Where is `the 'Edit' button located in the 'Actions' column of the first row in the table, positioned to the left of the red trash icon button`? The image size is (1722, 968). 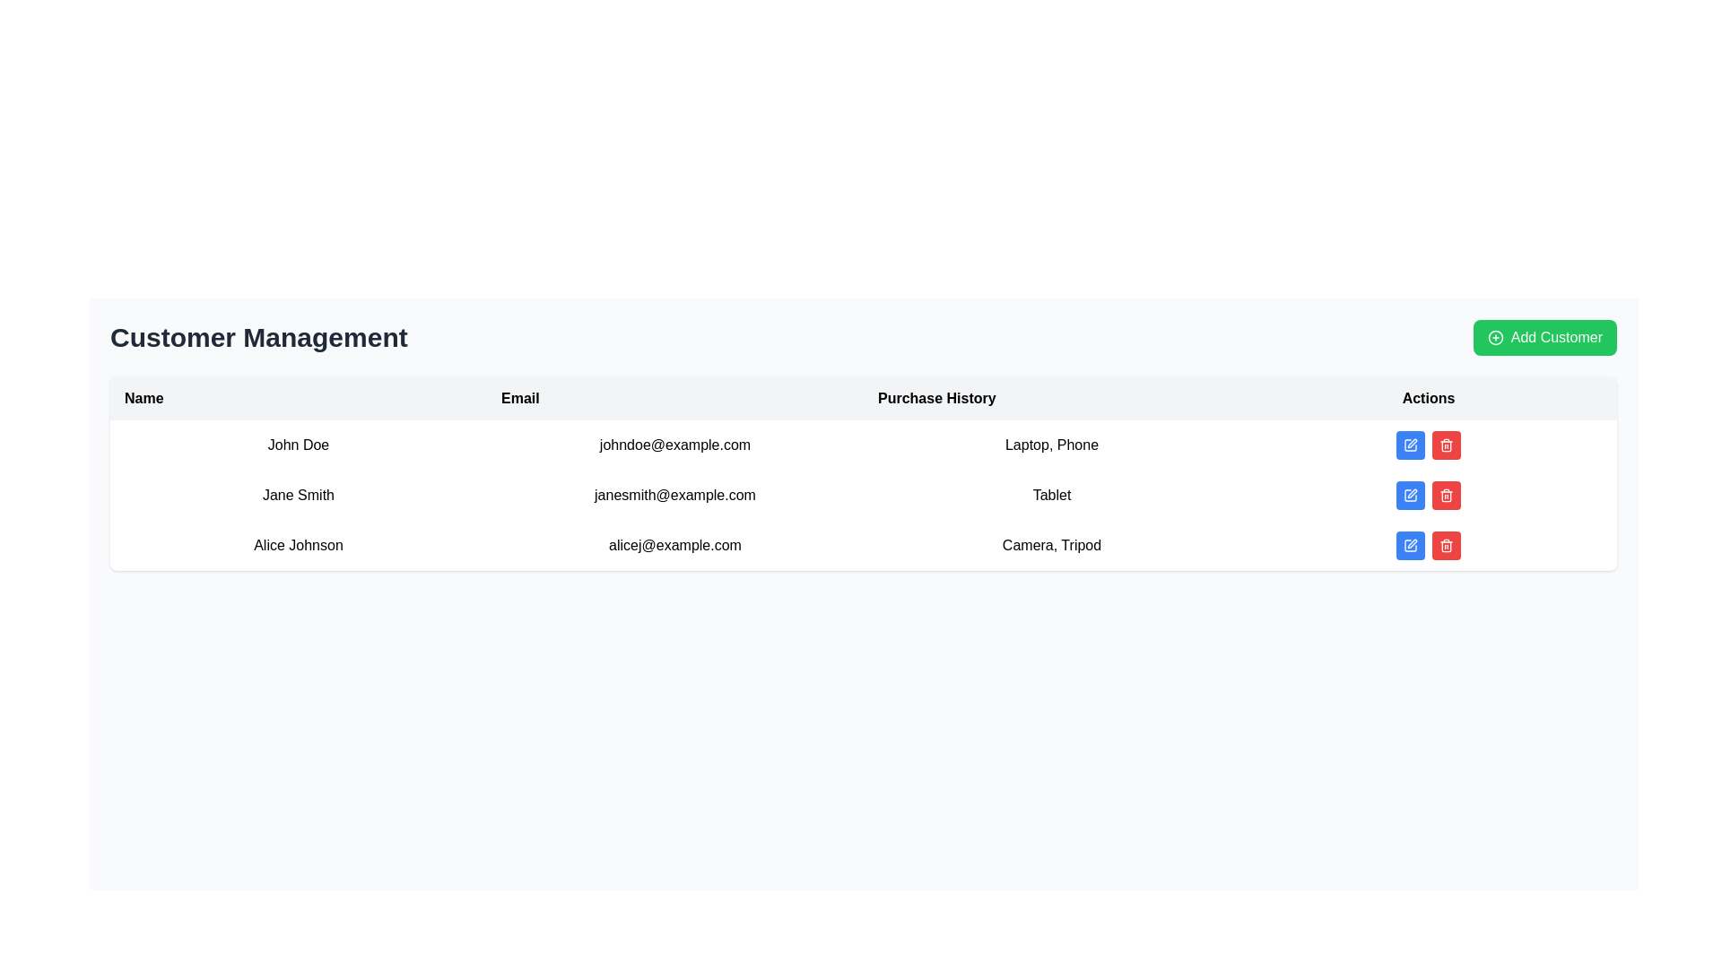
the 'Edit' button located in the 'Actions' column of the first row in the table, positioned to the left of the red trash icon button is located at coordinates (1410, 445).